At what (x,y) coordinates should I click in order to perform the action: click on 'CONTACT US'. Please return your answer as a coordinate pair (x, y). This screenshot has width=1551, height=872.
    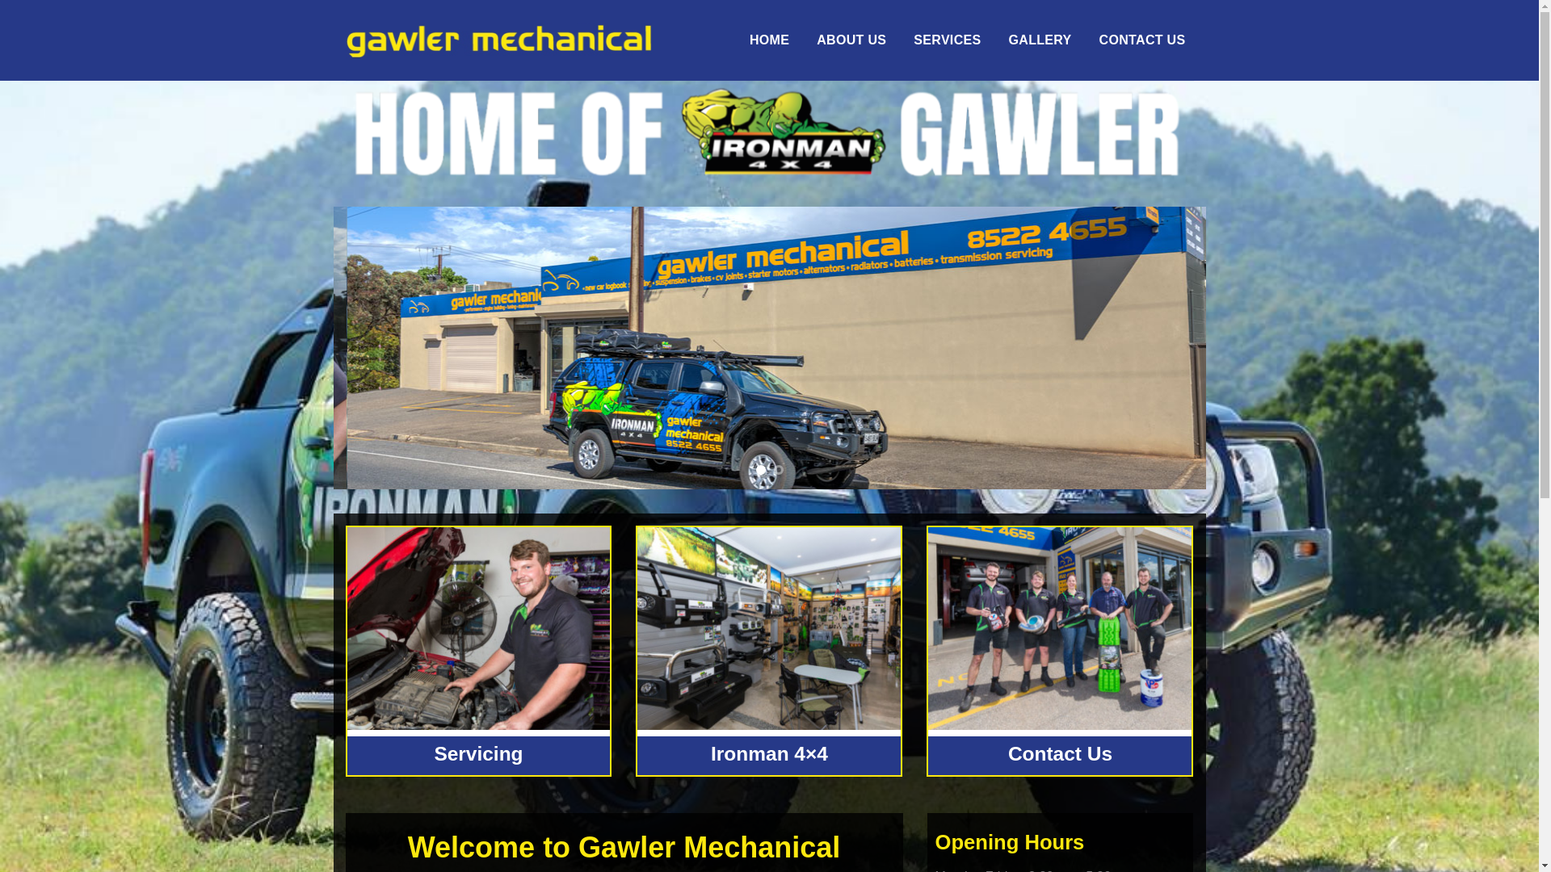
    Looking at the image, I should click on (1141, 40).